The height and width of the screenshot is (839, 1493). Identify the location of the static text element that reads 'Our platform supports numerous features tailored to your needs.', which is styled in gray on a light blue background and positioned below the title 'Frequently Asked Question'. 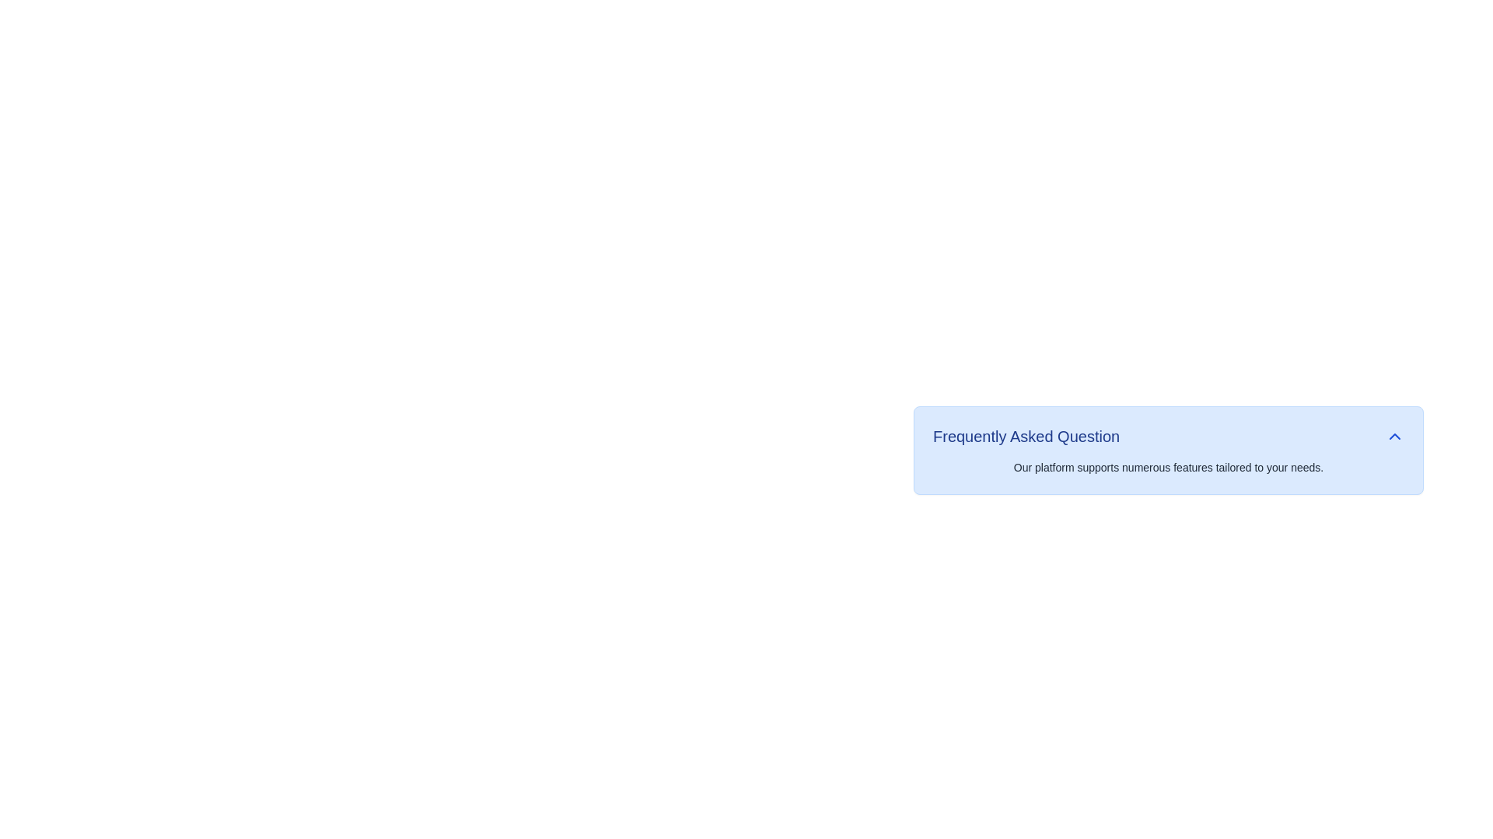
(1168, 466).